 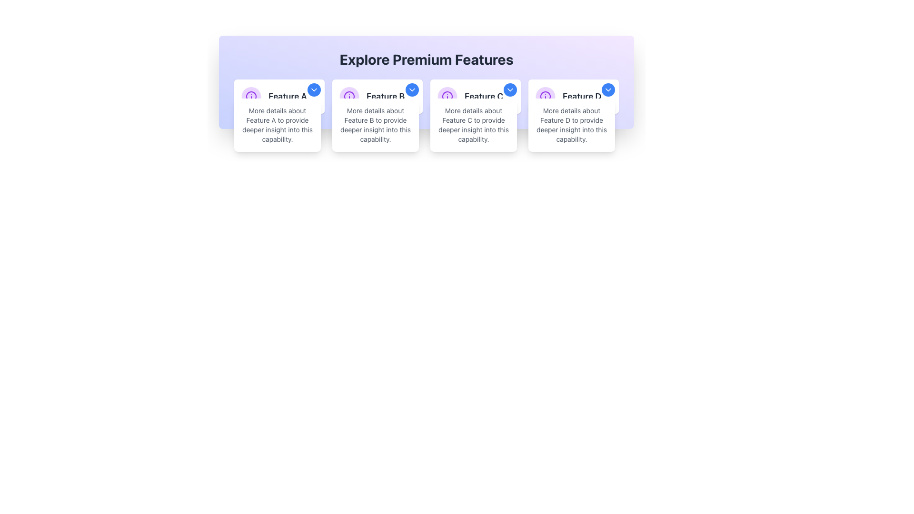 I want to click on text from the text box located under the heading 'Feature B' in the second card of the 'Explore Premium Features' section, so click(x=375, y=124).